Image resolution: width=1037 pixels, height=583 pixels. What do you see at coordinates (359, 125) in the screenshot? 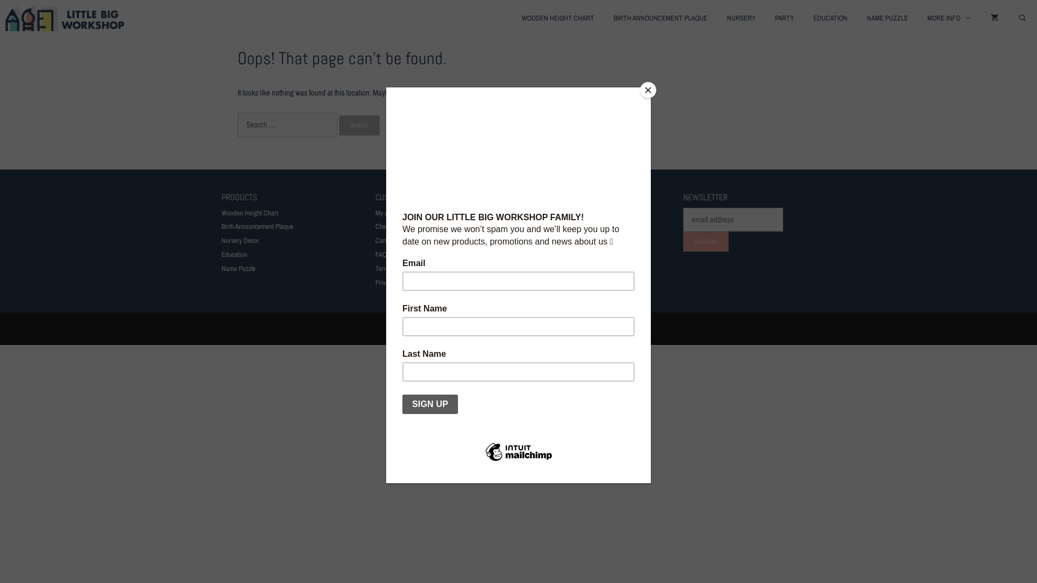
I see `'Search'` at bounding box center [359, 125].